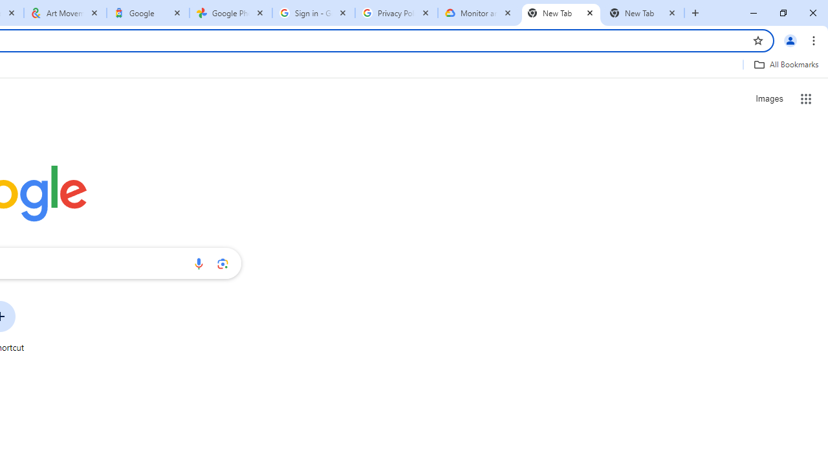  Describe the element at coordinates (561, 13) in the screenshot. I see `'New Tab'` at that location.